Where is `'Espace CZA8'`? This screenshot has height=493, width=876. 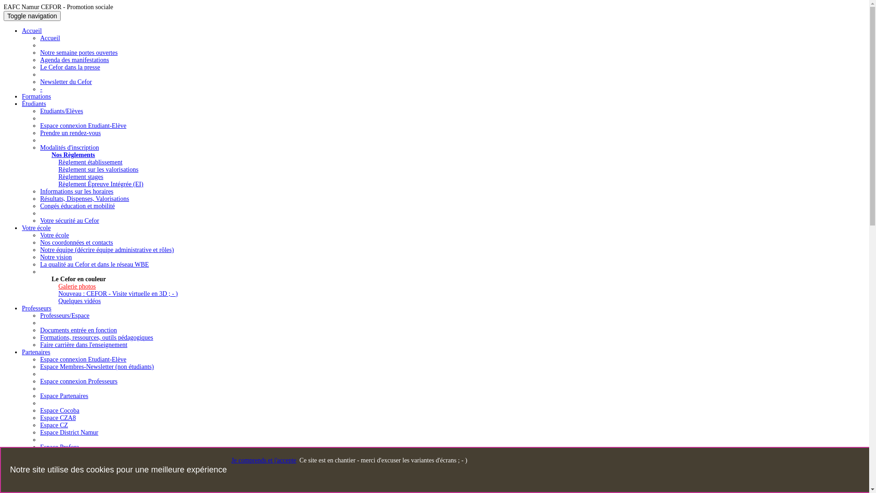 'Espace CZA8' is located at coordinates (57, 418).